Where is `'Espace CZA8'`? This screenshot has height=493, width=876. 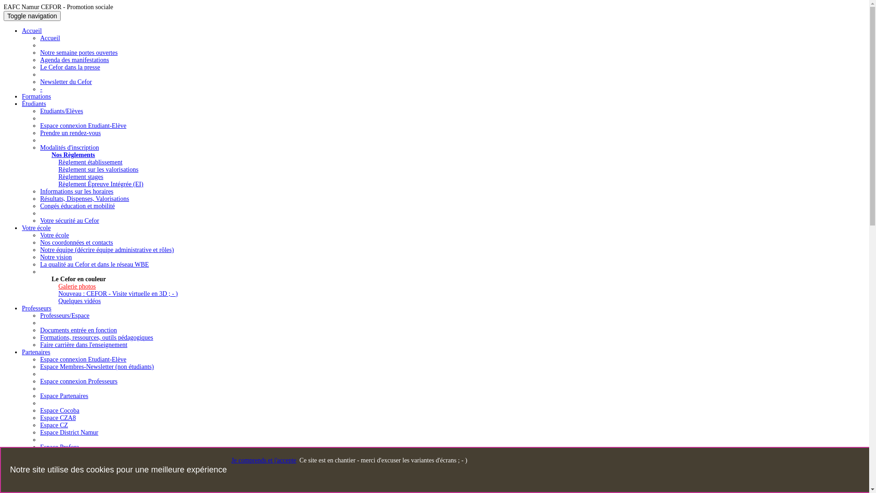 'Espace CZA8' is located at coordinates (57, 418).